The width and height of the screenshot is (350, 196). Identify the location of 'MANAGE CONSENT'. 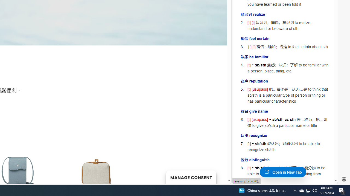
(191, 177).